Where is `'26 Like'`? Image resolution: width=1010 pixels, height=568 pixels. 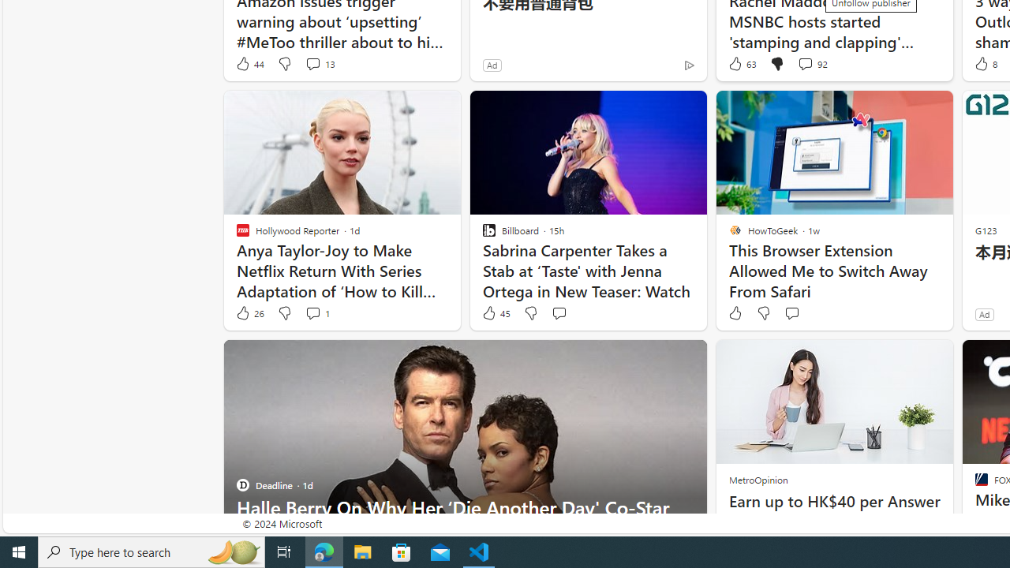 '26 Like' is located at coordinates (249, 313).